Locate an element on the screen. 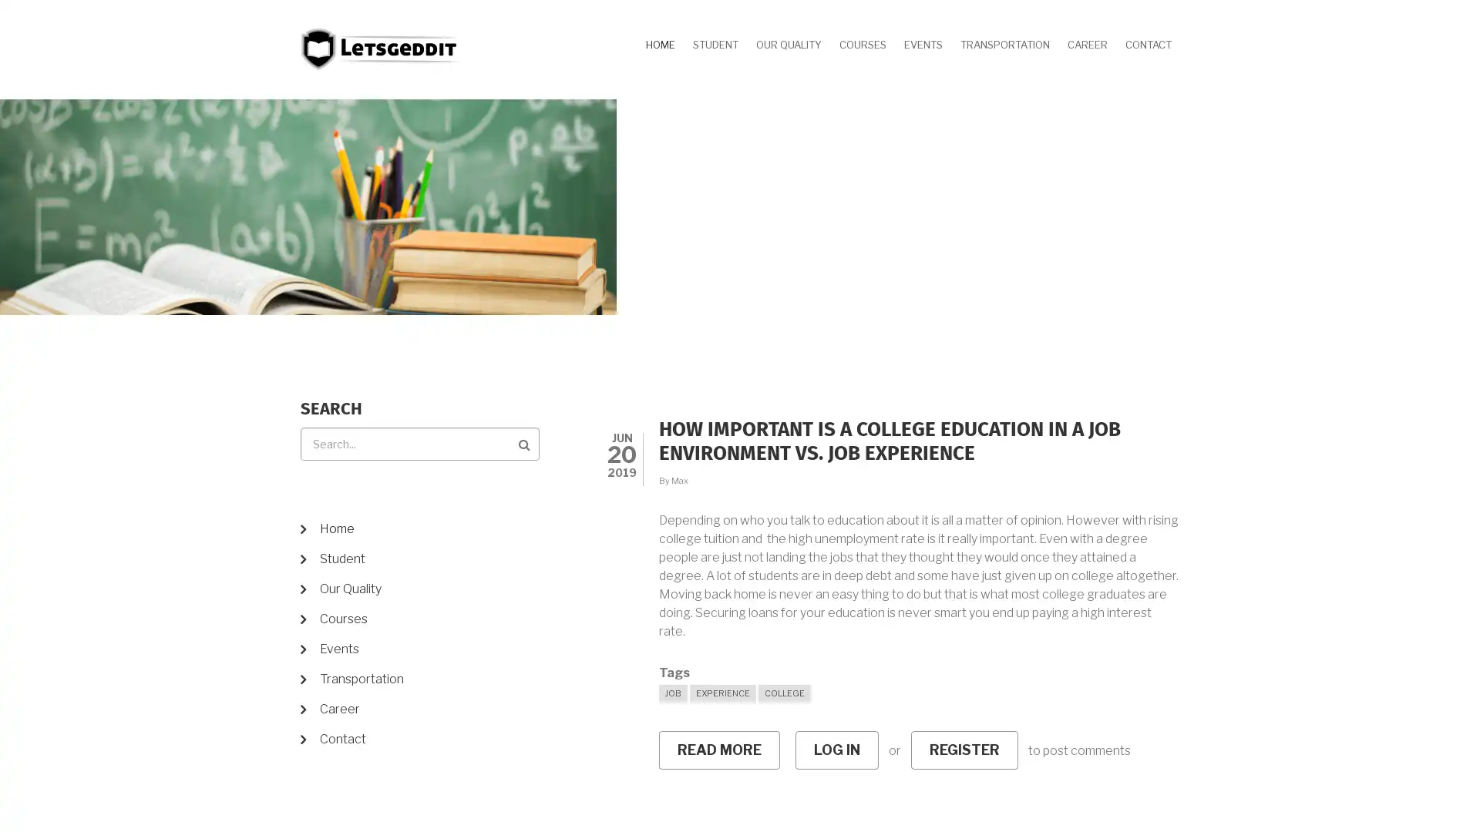 Image resolution: width=1480 pixels, height=832 pixels. Search is located at coordinates (528, 444).